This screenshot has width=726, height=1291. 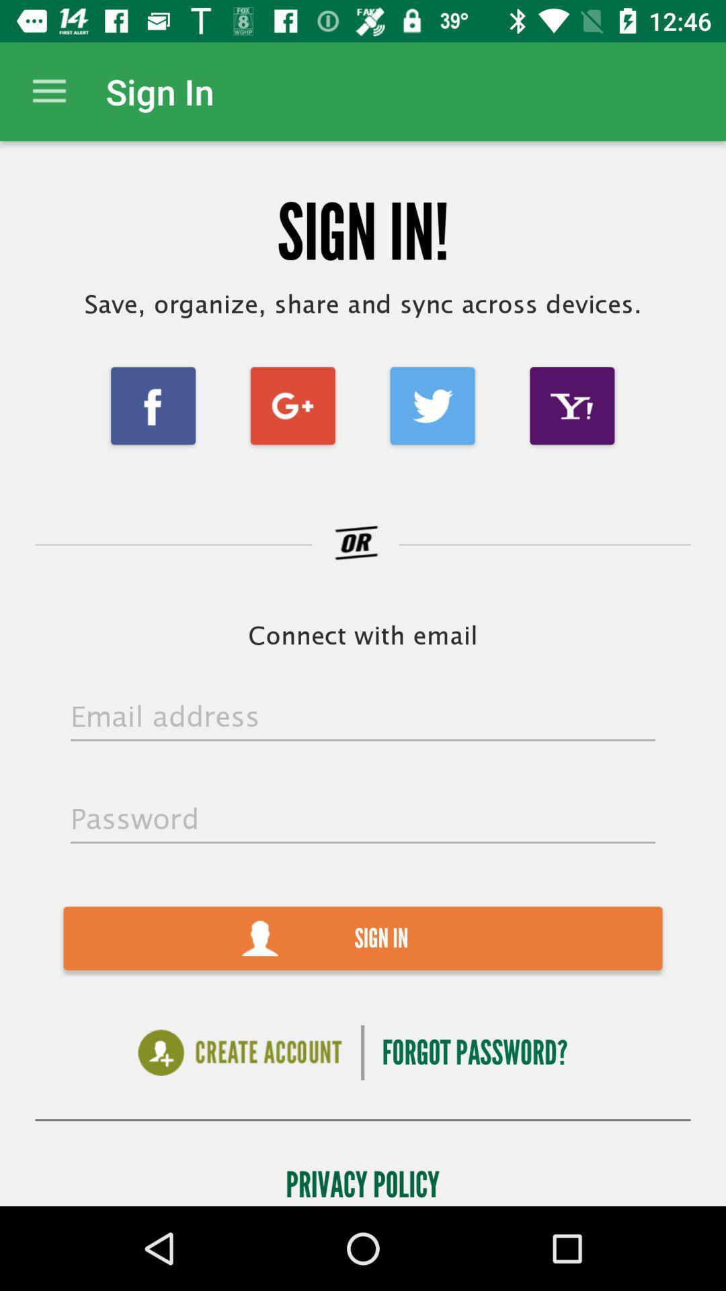 What do you see at coordinates (153, 405) in the screenshot?
I see `facebook logo` at bounding box center [153, 405].